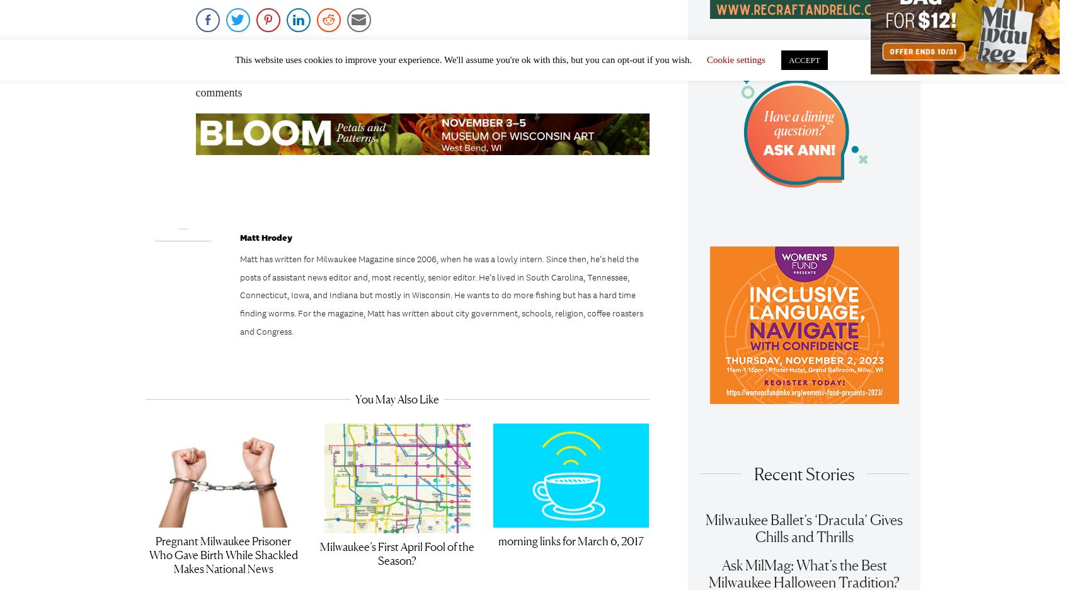  I want to click on 'Milwaukee’s First April Fool of the Season?', so click(319, 558).